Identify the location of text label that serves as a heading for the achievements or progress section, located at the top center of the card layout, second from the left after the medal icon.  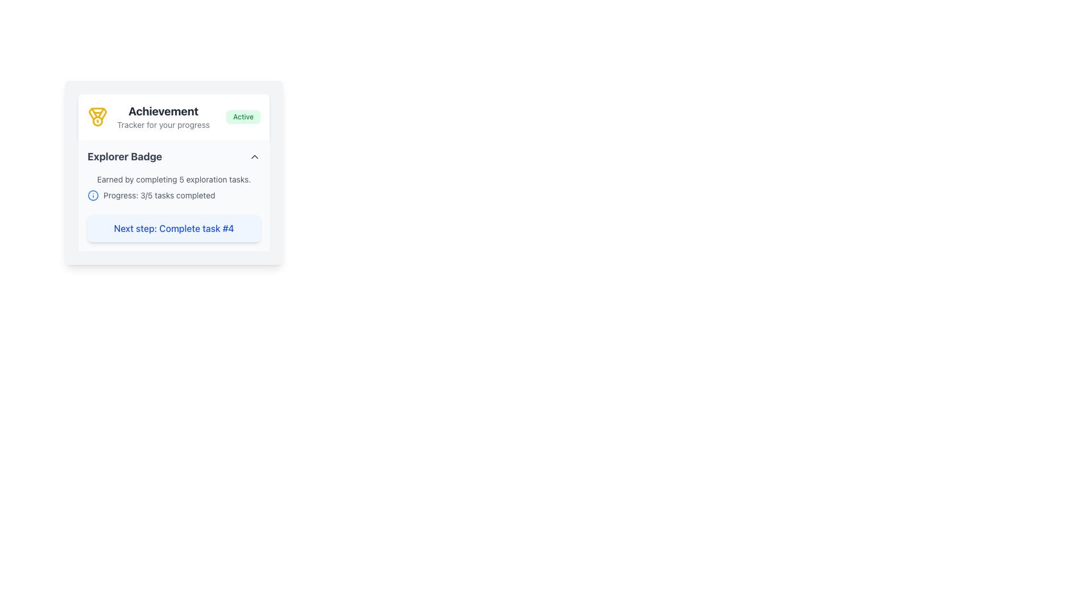
(163, 117).